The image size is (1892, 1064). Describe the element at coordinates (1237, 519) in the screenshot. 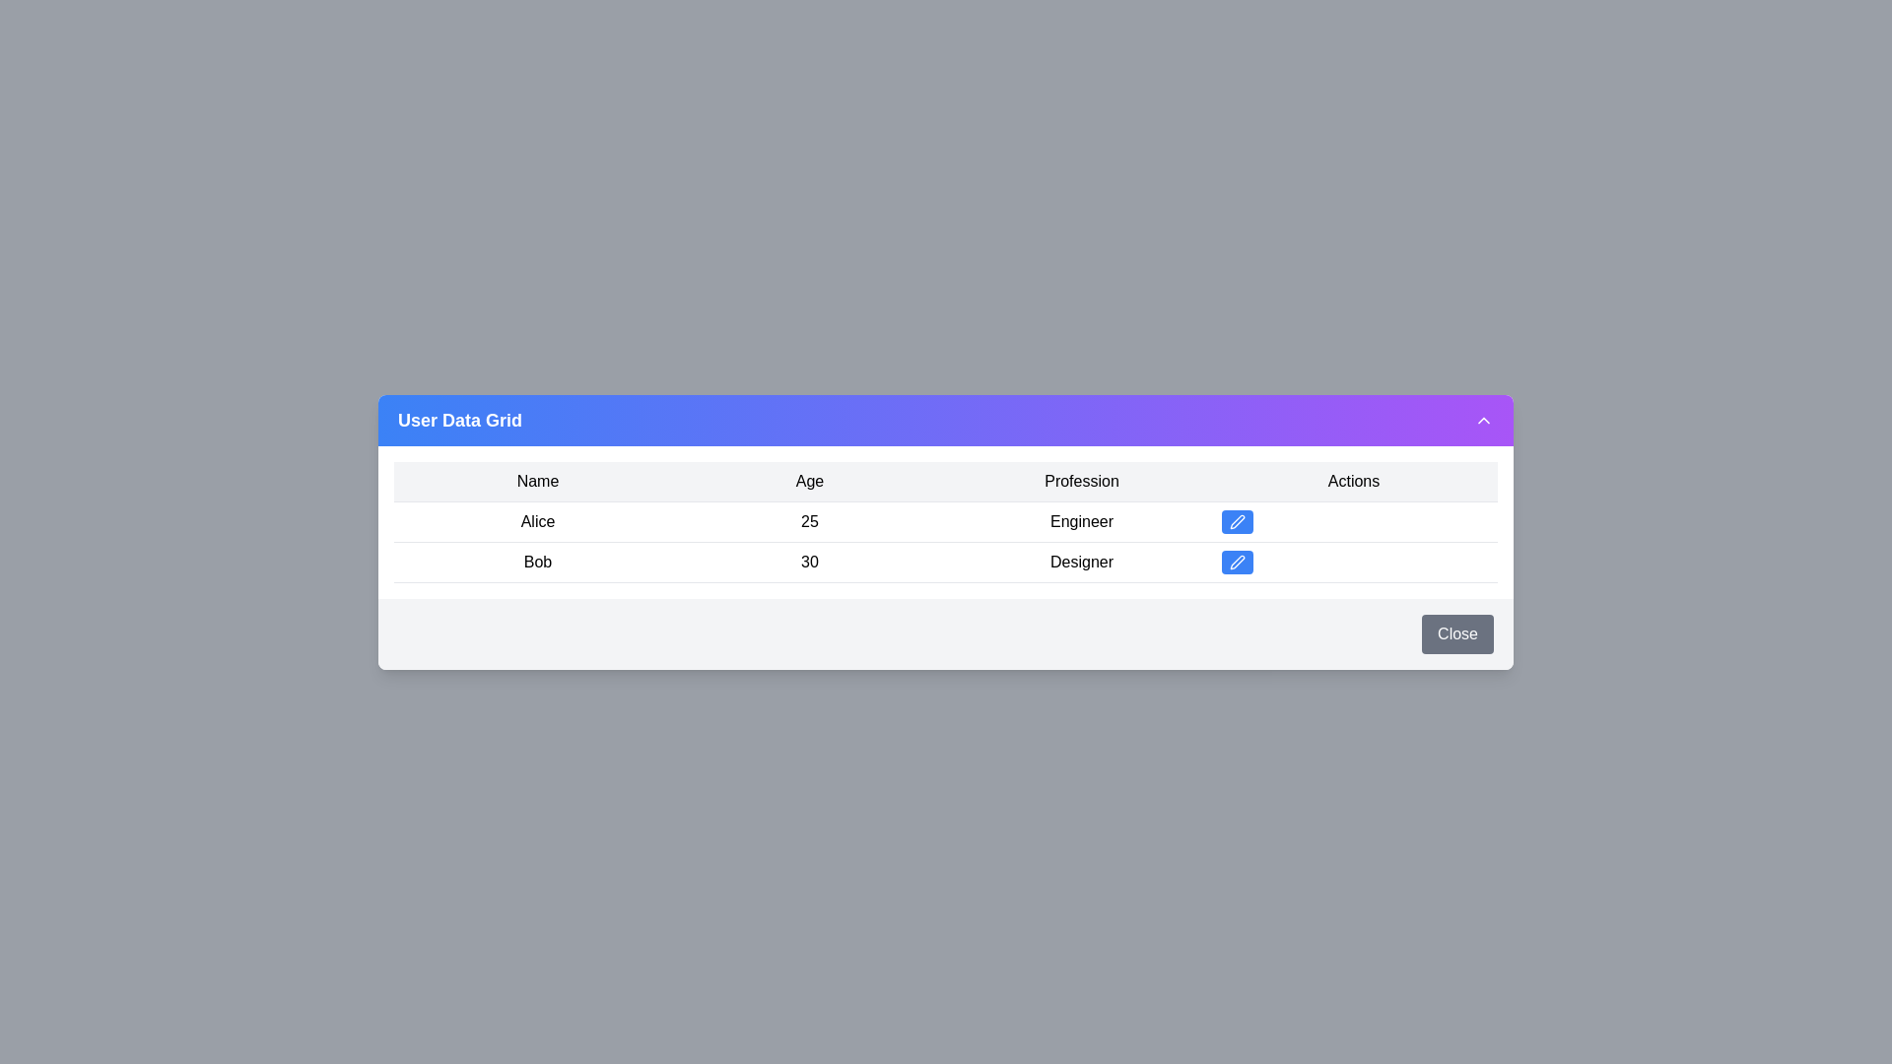

I see `the edit icon resembling a pen within the button in the 'Actions' column of the table, aligned with the 'Engineer' profession in the row labeled 'Alice' to initiate editing` at that location.